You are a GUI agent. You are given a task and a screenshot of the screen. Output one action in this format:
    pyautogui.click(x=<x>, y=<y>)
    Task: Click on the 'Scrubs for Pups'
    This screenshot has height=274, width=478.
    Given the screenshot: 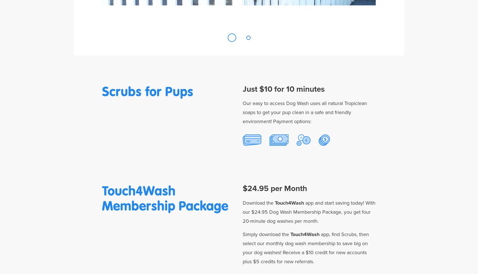 What is the action you would take?
    pyautogui.click(x=147, y=91)
    